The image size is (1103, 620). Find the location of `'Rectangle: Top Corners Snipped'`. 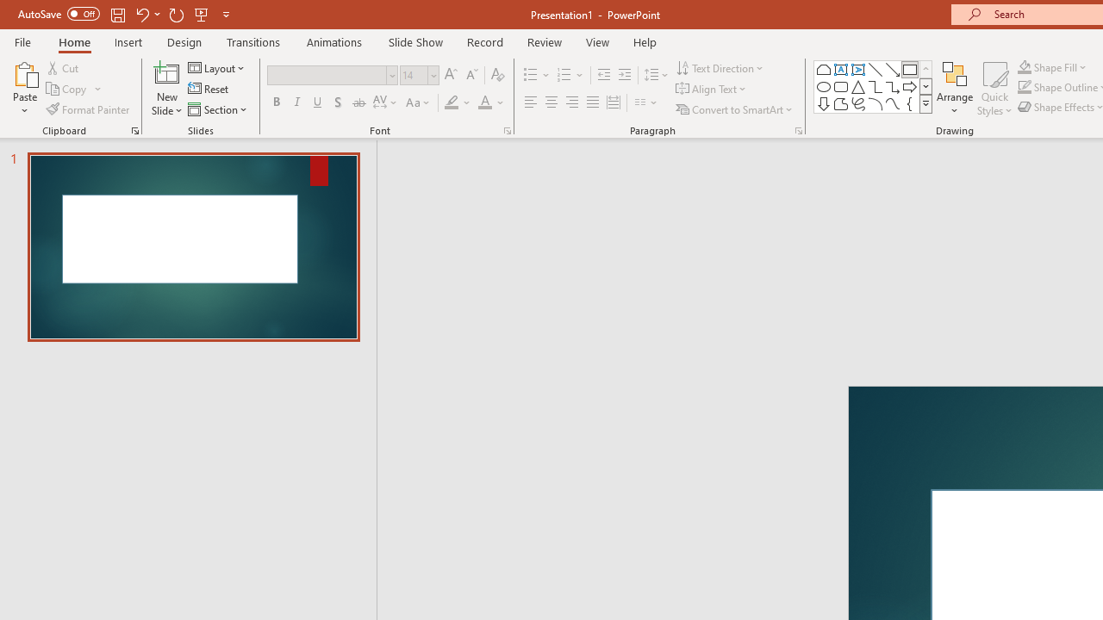

'Rectangle: Top Corners Snipped' is located at coordinates (823, 69).